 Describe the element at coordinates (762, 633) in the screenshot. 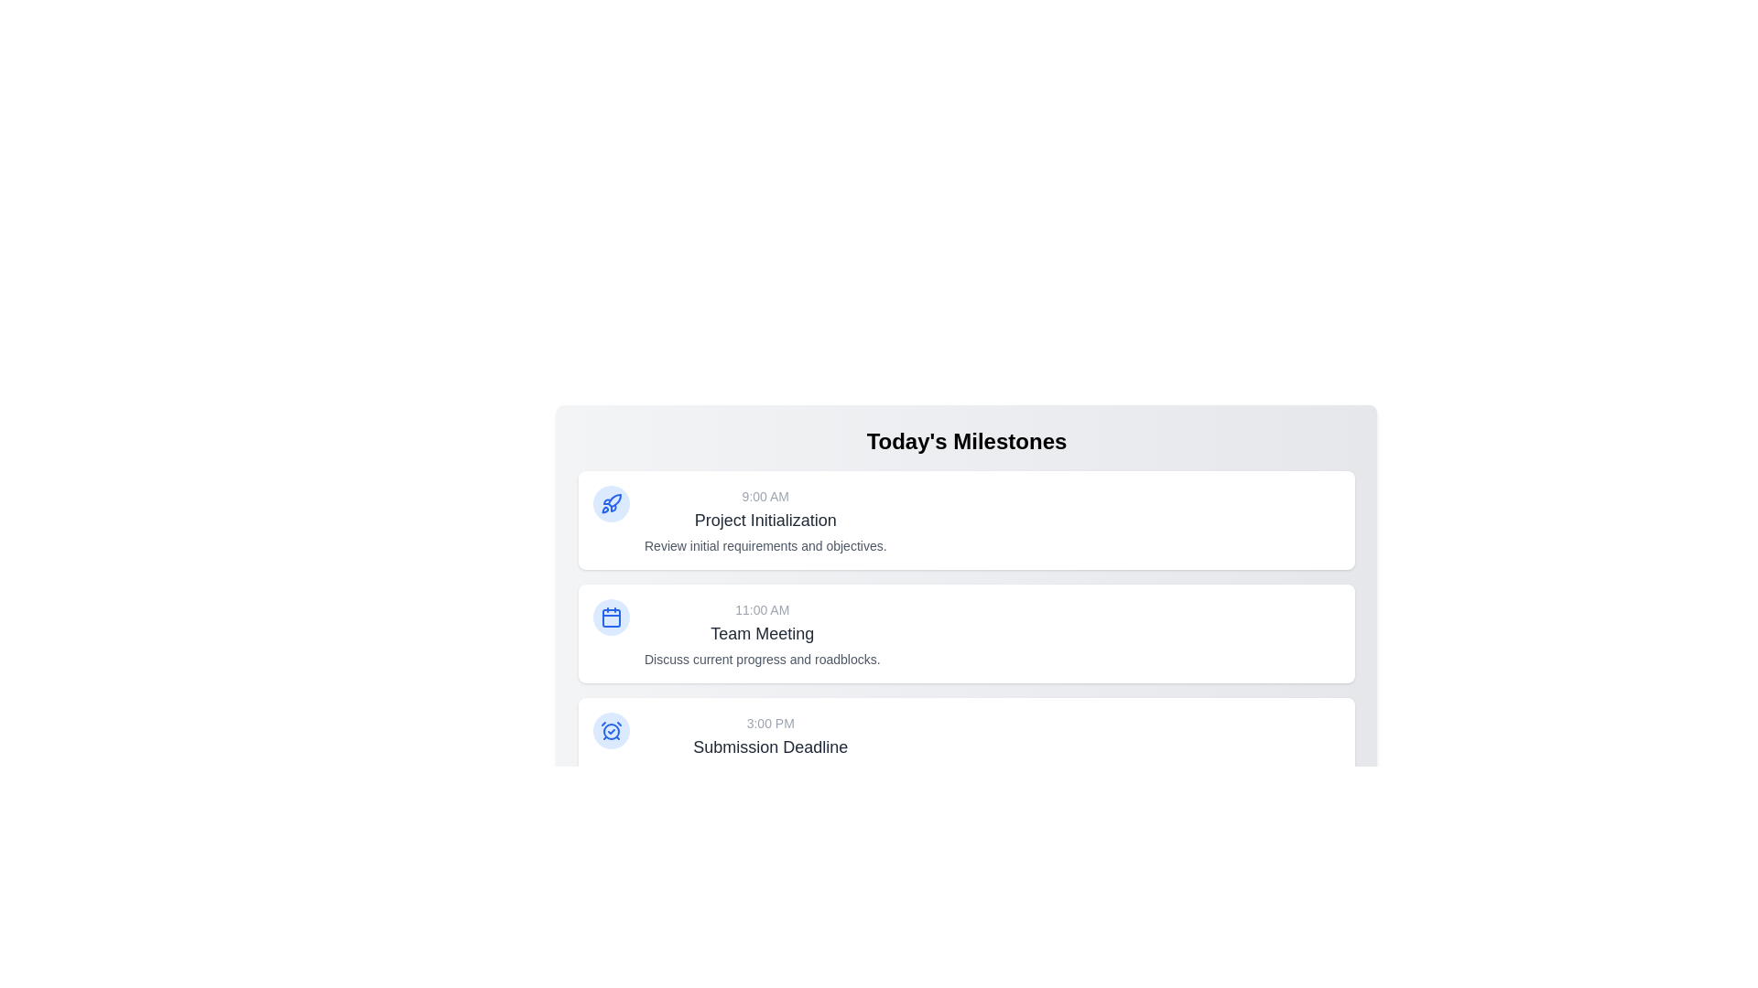

I see `the Text Display element that shows event details, including the 'Team Meeting' title and description` at that location.